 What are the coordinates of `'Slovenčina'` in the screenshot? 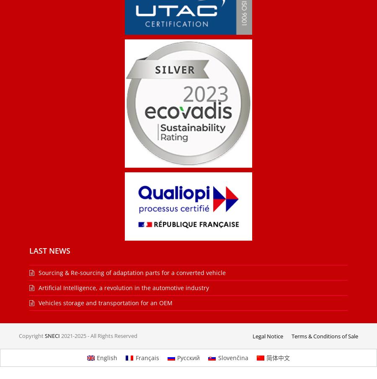 It's located at (232, 357).